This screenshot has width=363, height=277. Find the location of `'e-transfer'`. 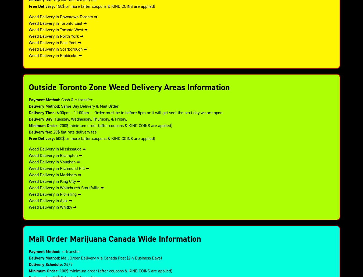

'e-transfer' is located at coordinates (70, 251).